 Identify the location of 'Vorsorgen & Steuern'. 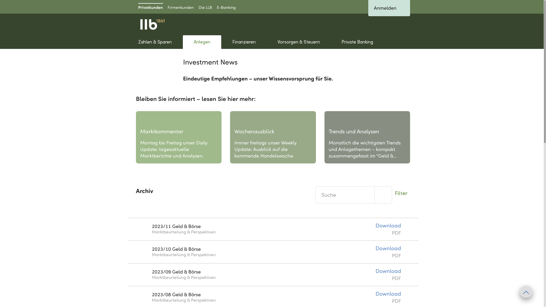
(298, 42).